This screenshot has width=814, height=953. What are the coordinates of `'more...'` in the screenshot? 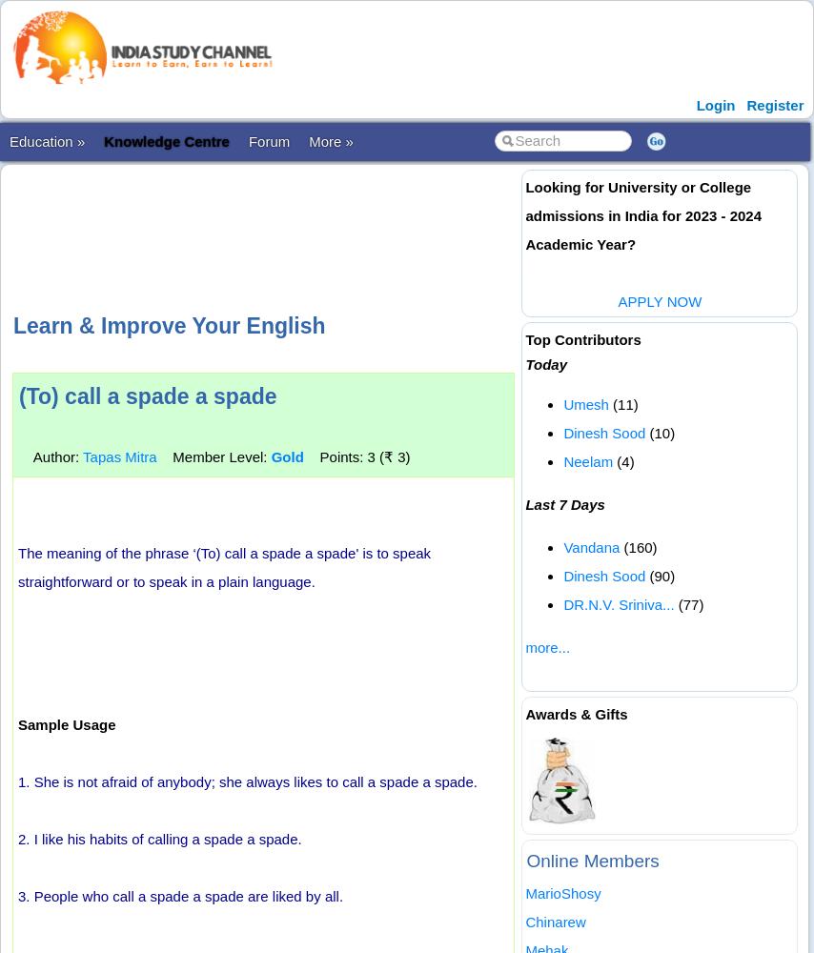 It's located at (546, 646).